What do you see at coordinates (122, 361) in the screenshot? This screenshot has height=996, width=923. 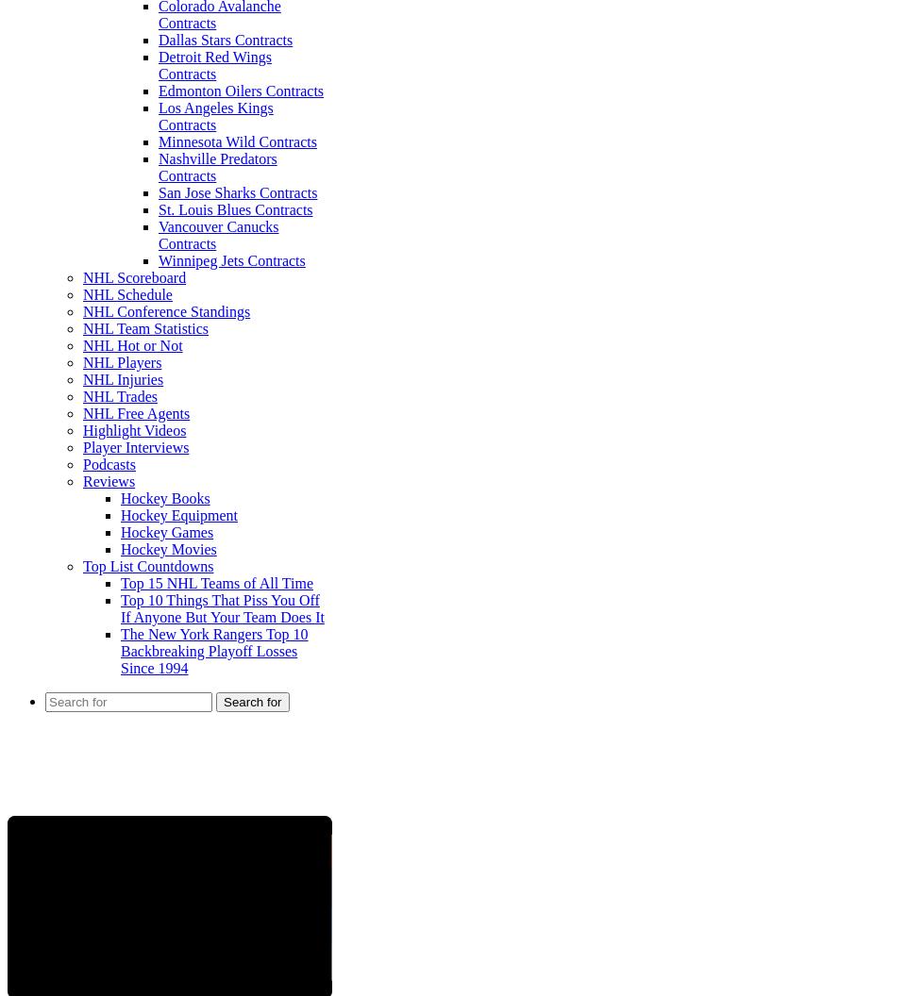 I see `'NHL Players'` at bounding box center [122, 361].